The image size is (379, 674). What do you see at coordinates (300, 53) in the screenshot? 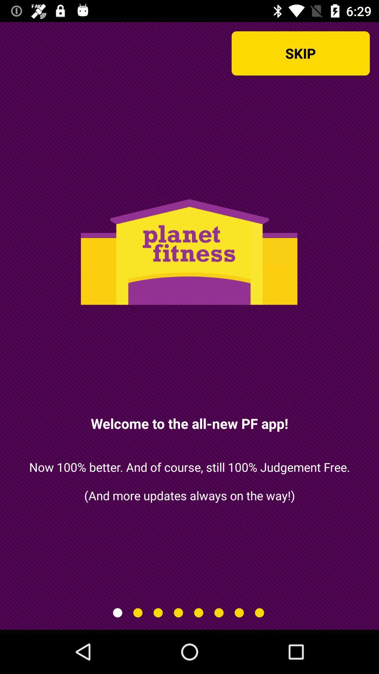
I see `the icon at the top right corner` at bounding box center [300, 53].